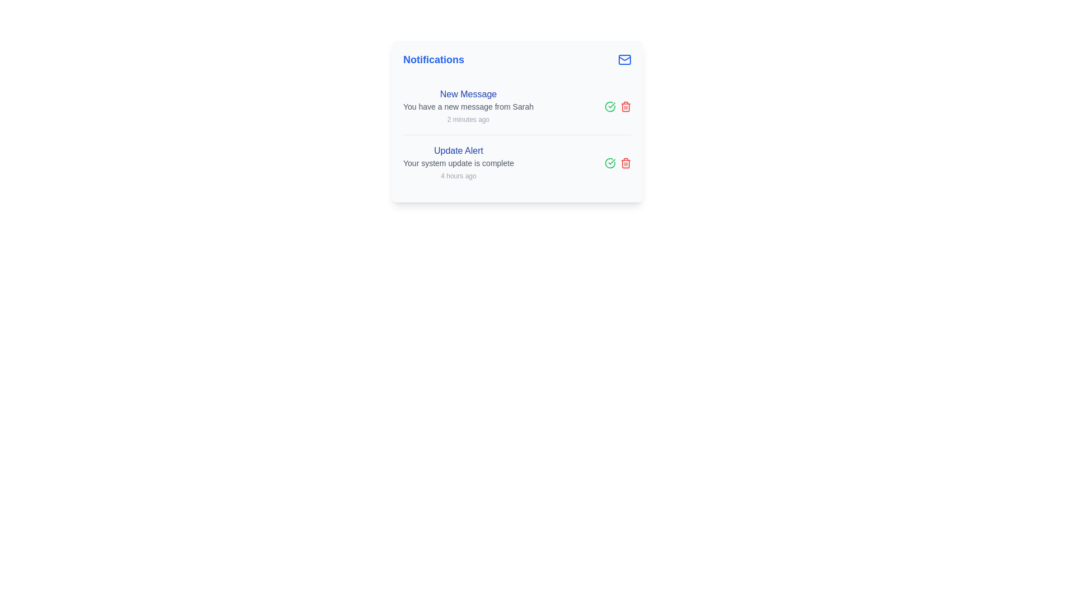 This screenshot has width=1074, height=604. Describe the element at coordinates (624, 60) in the screenshot. I see `the rectangular SVG shape representing the envelope of a mail icon located in the top-right corner of the notification card` at that location.